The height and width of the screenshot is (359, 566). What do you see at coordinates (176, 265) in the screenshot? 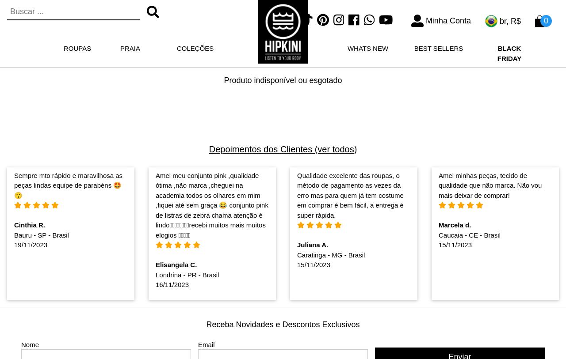
I see `'Elisangela C.'` at bounding box center [176, 265].